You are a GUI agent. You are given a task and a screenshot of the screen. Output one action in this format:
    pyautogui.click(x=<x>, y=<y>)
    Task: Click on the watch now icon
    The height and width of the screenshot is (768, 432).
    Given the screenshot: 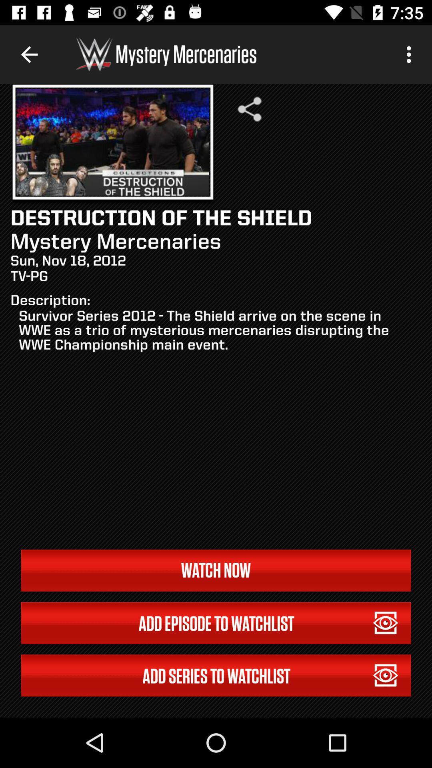 What is the action you would take?
    pyautogui.click(x=216, y=570)
    